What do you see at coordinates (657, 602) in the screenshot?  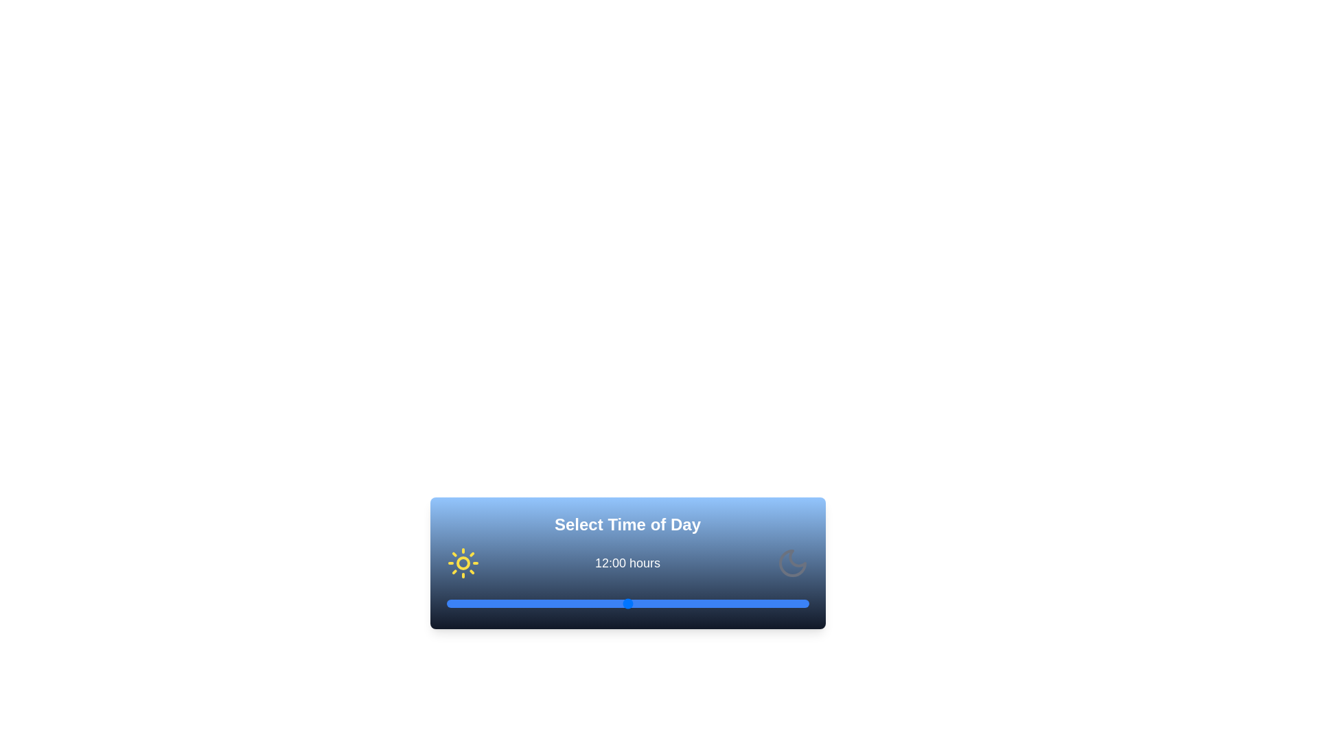 I see `the time to 14 hours using the slider` at bounding box center [657, 602].